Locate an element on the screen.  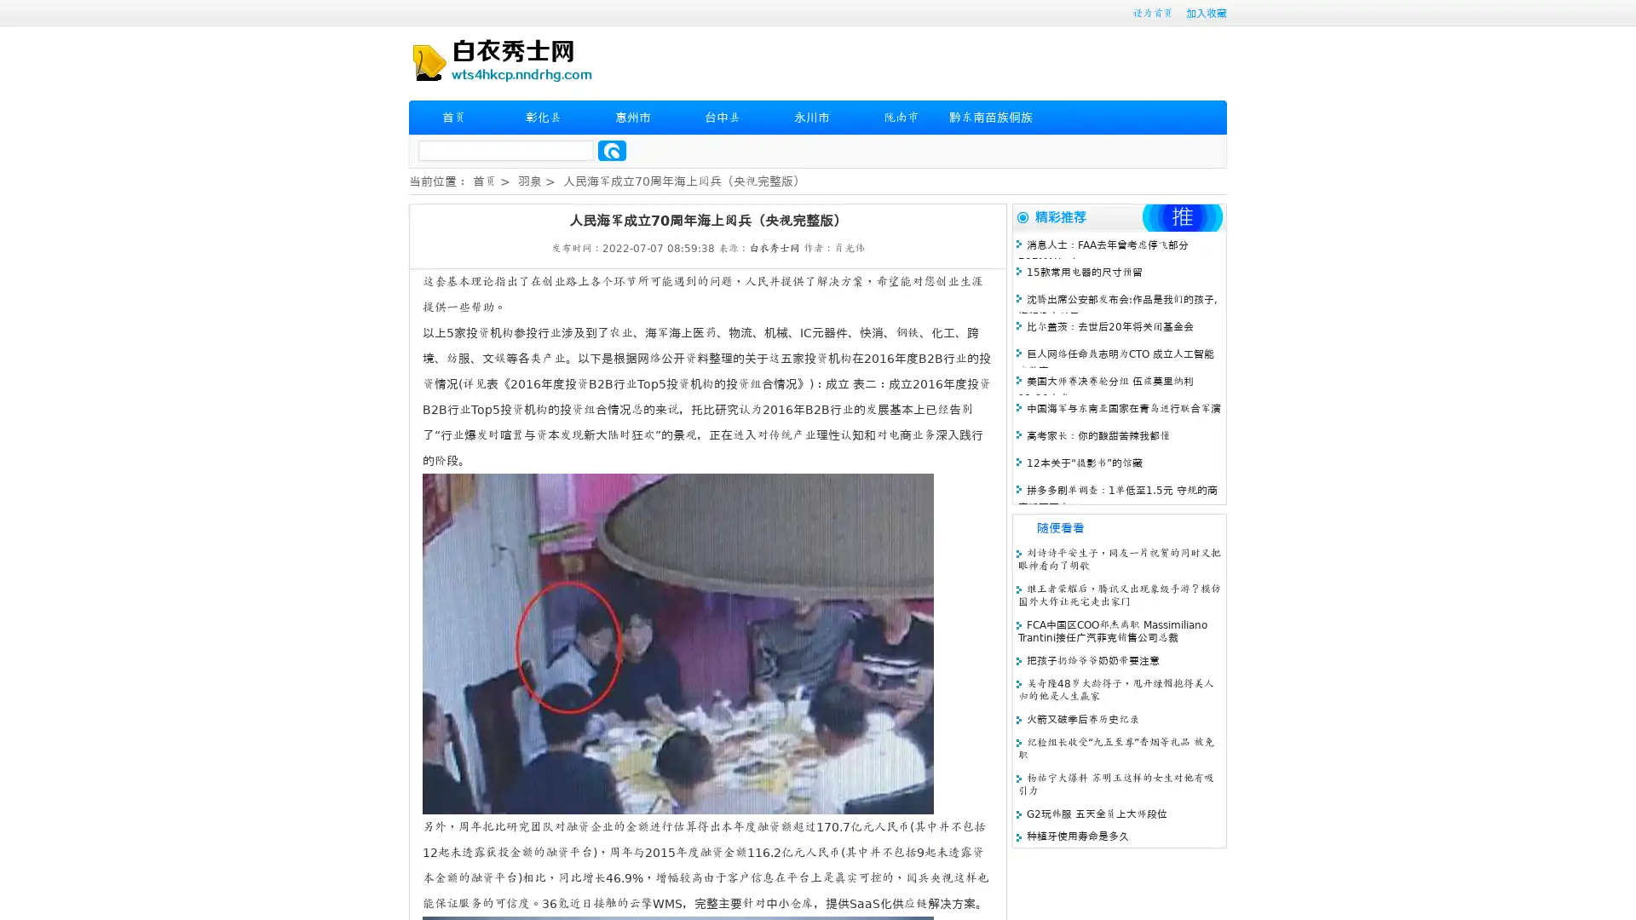
Search is located at coordinates (612, 150).